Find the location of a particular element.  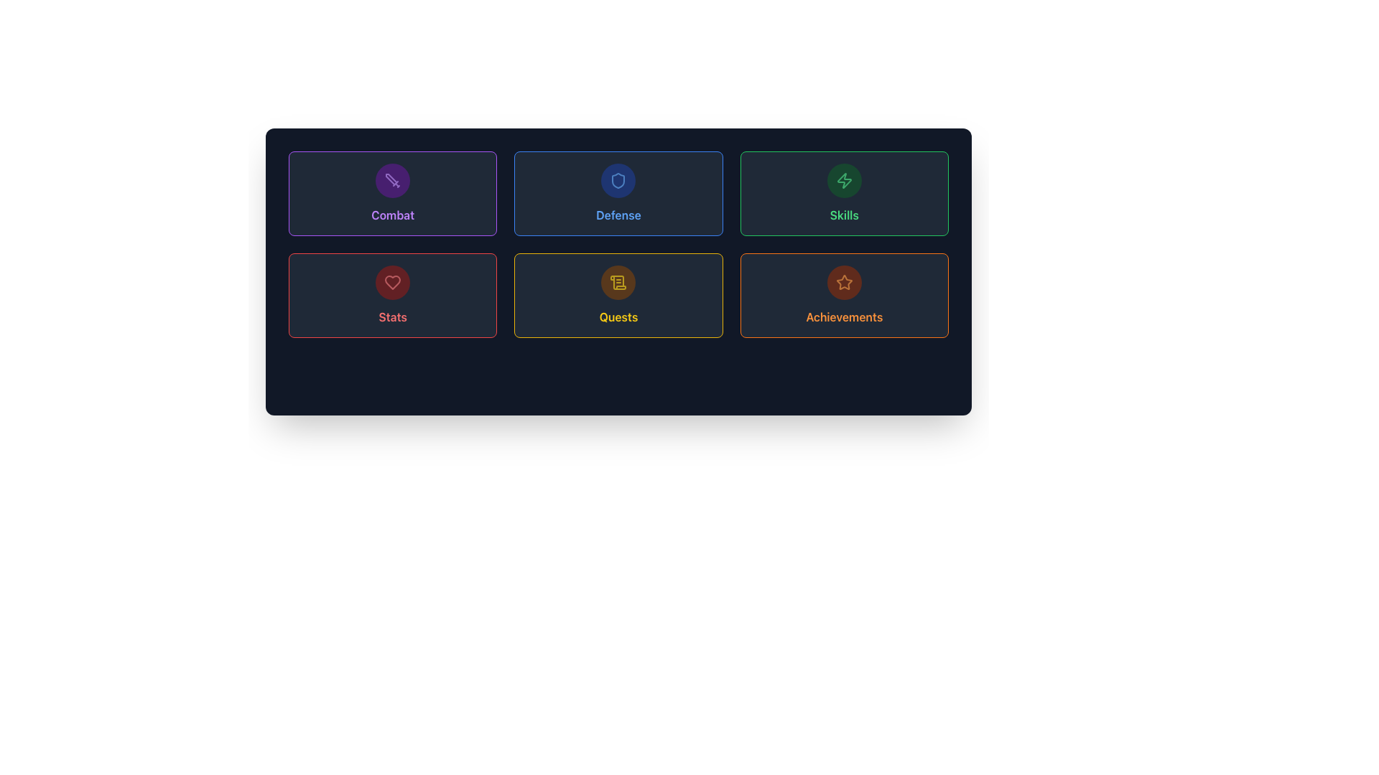

the circular decorative indicator with an embedded icon located centrally within the 'Stats' card in the bottom-left quadrant of the UI is located at coordinates (393, 282).